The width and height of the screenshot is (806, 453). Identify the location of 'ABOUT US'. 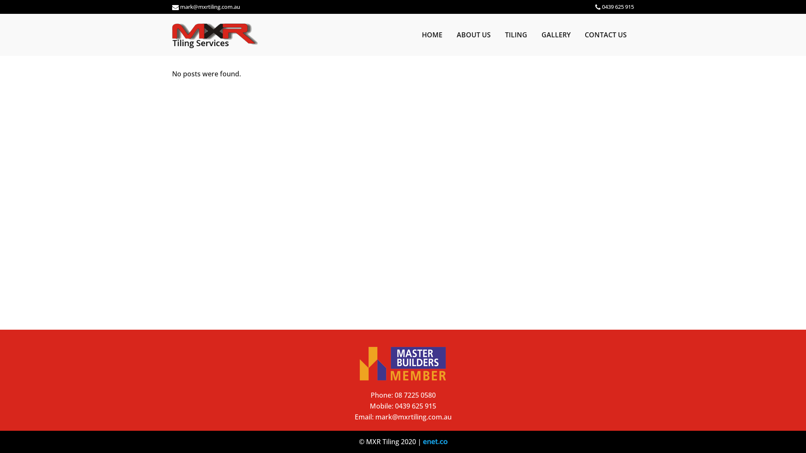
(449, 34).